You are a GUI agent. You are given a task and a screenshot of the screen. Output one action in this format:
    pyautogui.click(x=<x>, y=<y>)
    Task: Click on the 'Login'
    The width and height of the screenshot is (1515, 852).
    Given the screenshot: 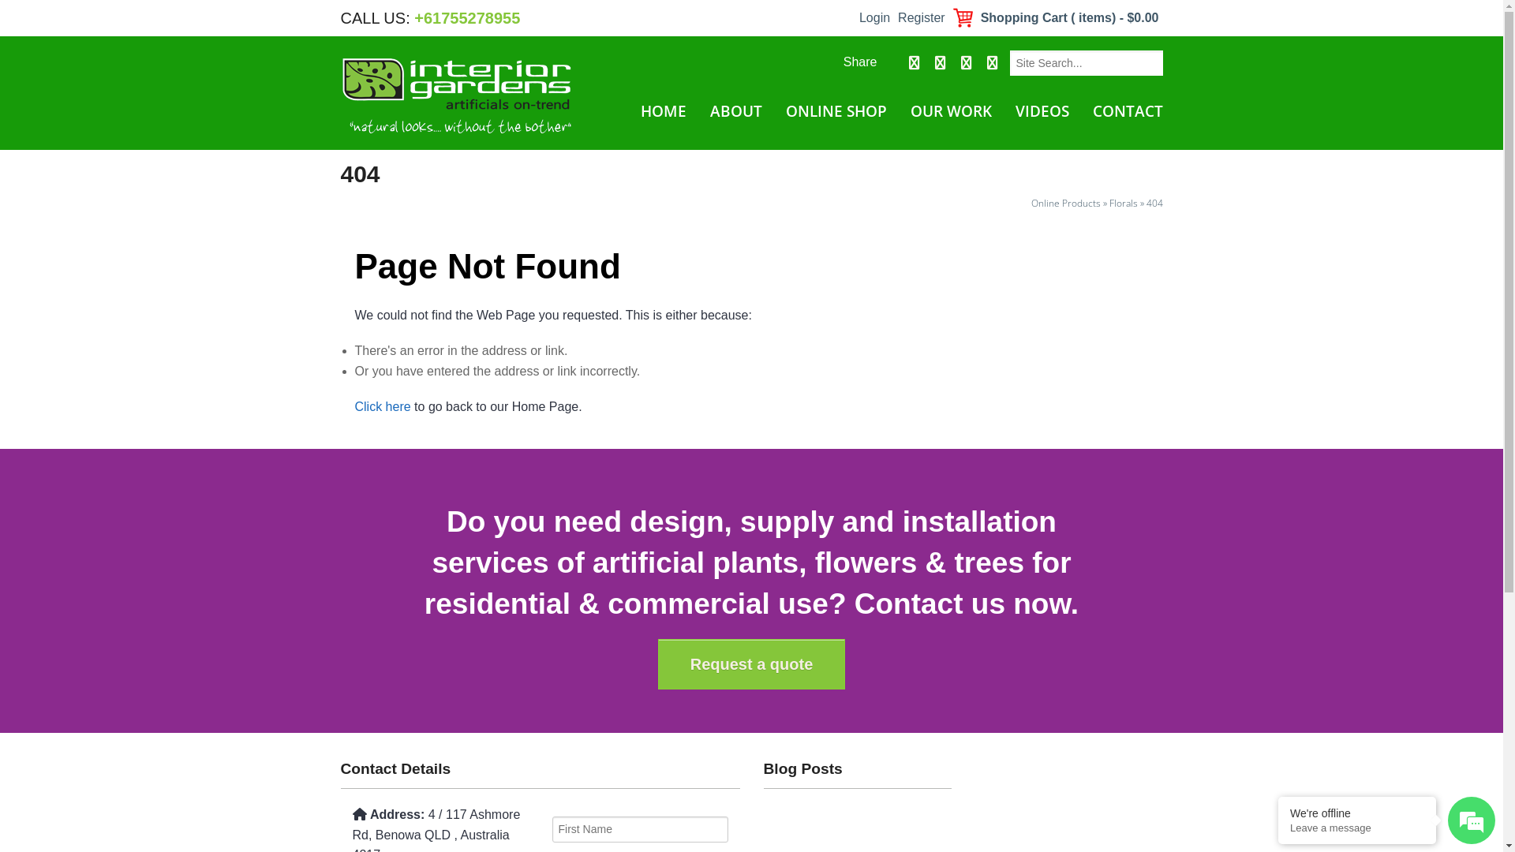 What is the action you would take?
    pyautogui.click(x=855, y=18)
    